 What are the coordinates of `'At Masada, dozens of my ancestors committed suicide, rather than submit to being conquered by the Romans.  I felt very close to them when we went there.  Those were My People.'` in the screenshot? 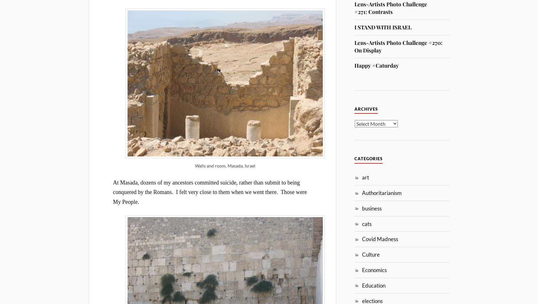 It's located at (113, 192).